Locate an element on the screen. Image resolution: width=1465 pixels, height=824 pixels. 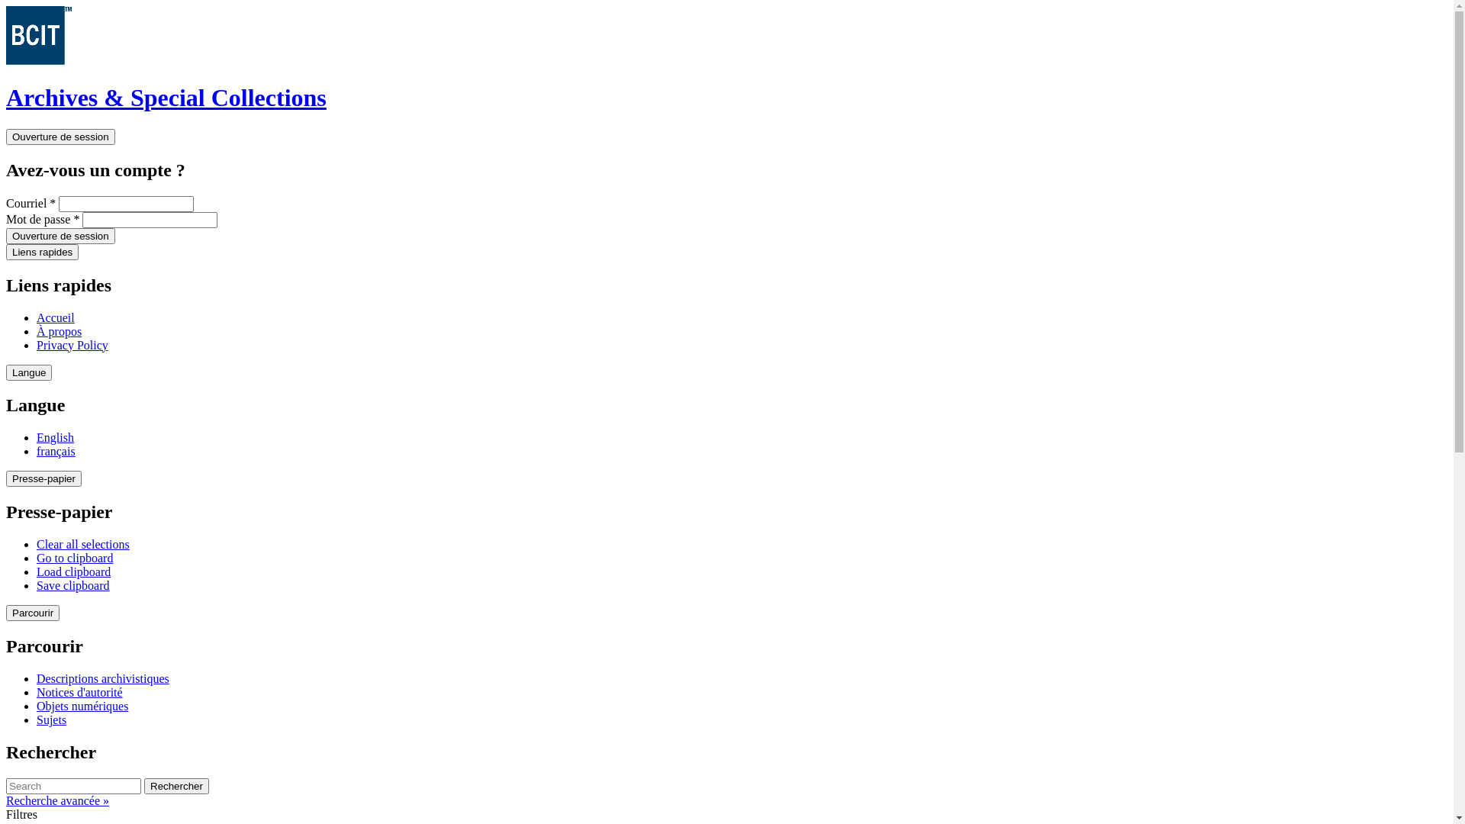
'Save clipboard' is located at coordinates (72, 584).